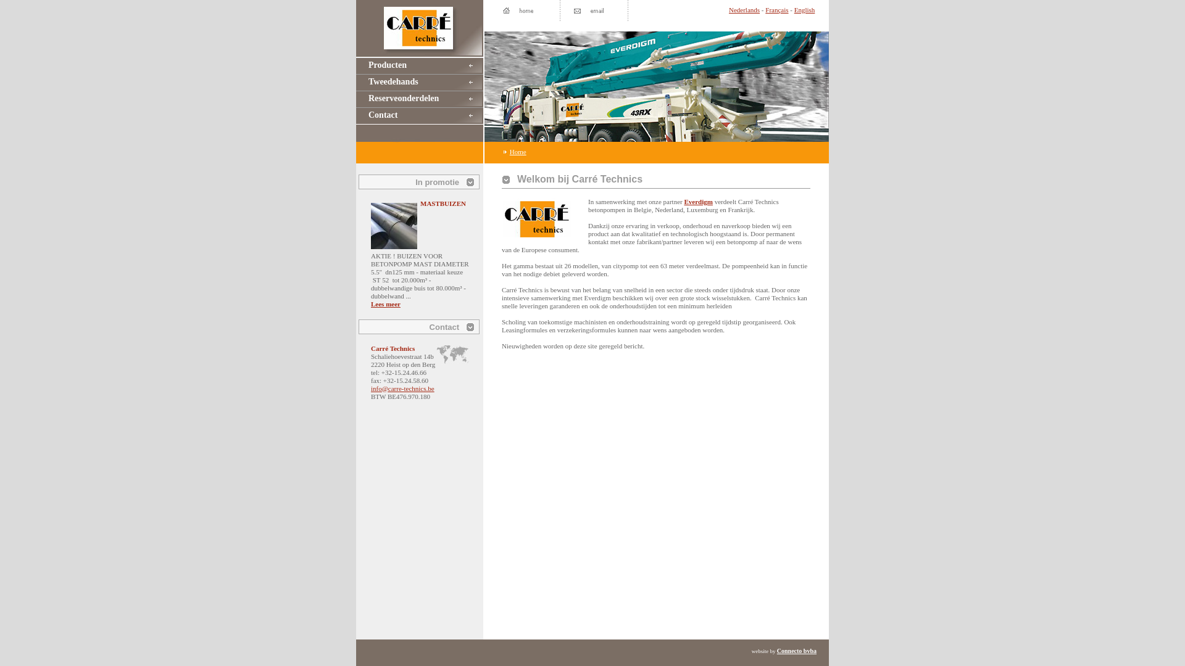  I want to click on 'Reserveonderdelen', so click(420, 99).